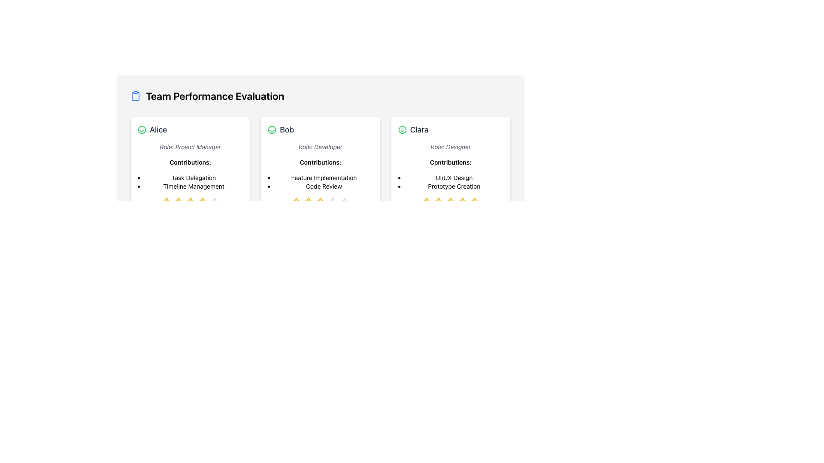  What do you see at coordinates (320, 203) in the screenshot?
I see `the interactive yellow star icon for rating, which is the fourth star in a row of five, positioned under the 'Bob' evaluation card` at bounding box center [320, 203].